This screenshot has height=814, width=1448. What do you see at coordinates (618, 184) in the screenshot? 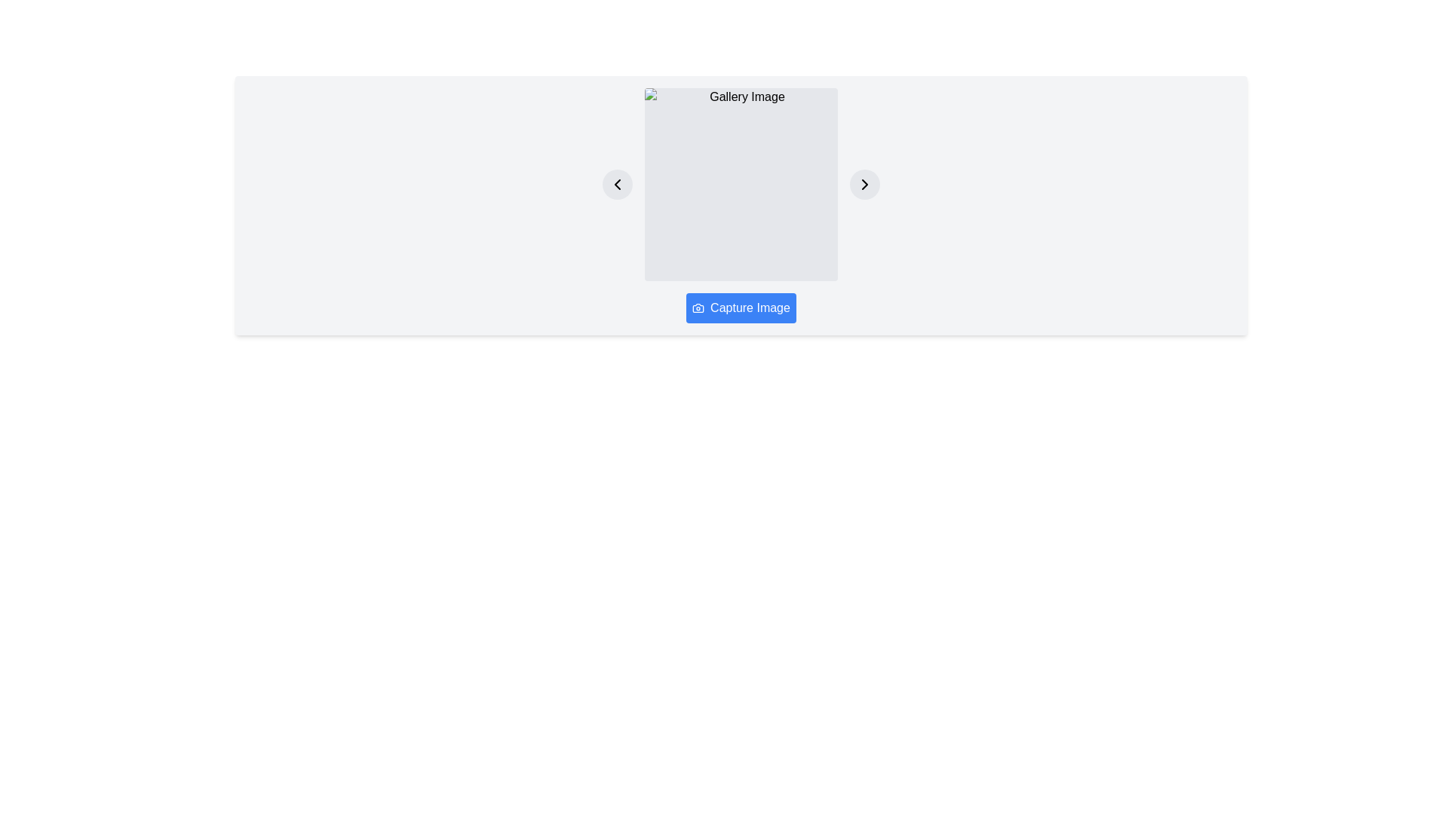
I see `the left navigation button` at bounding box center [618, 184].